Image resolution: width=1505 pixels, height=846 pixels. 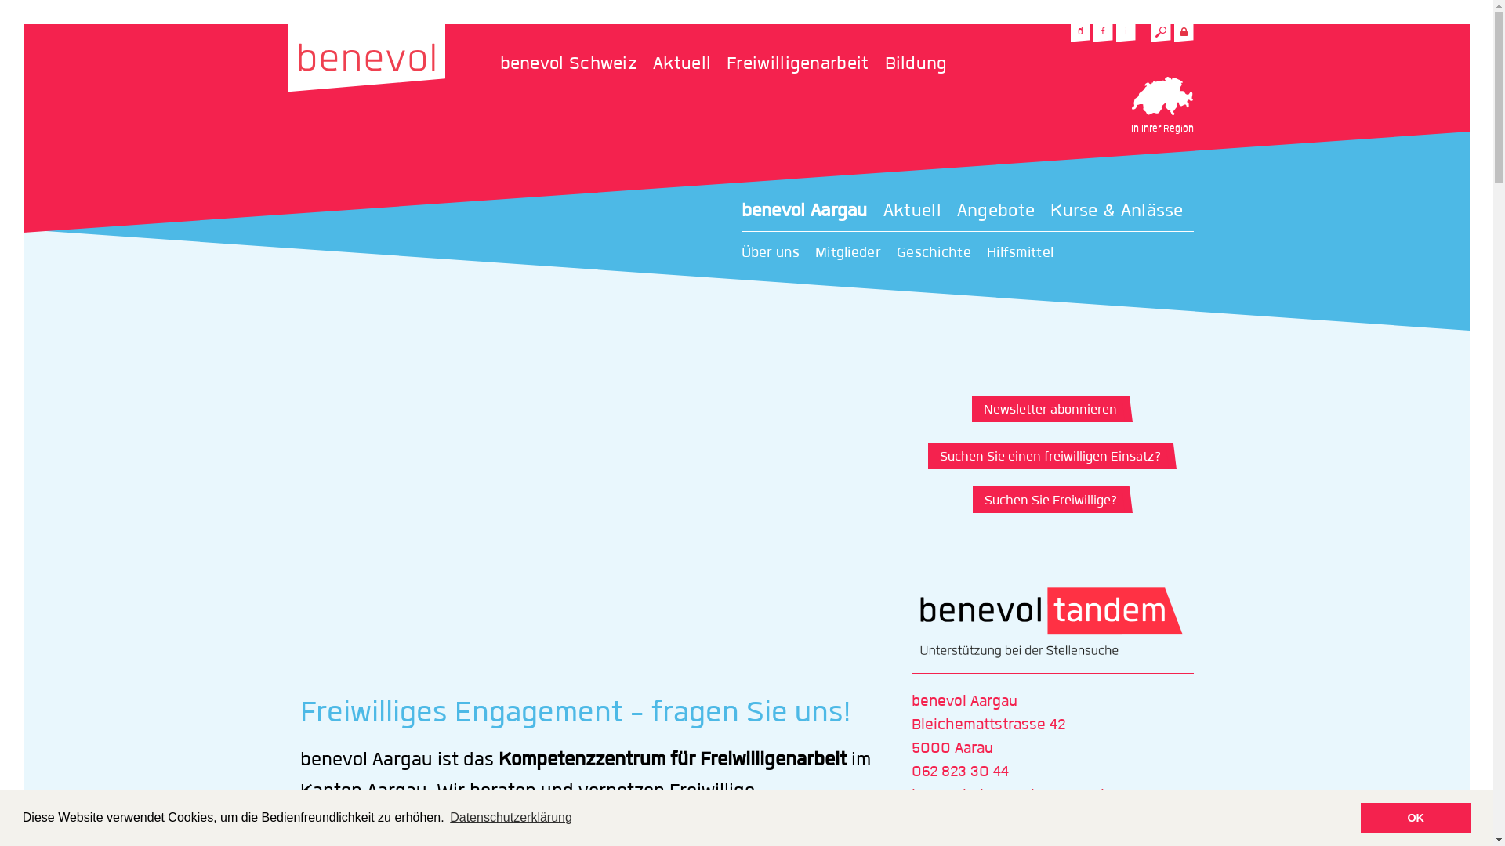 I want to click on 'Suchen Sie Freiwillige?', so click(x=1048, y=499).